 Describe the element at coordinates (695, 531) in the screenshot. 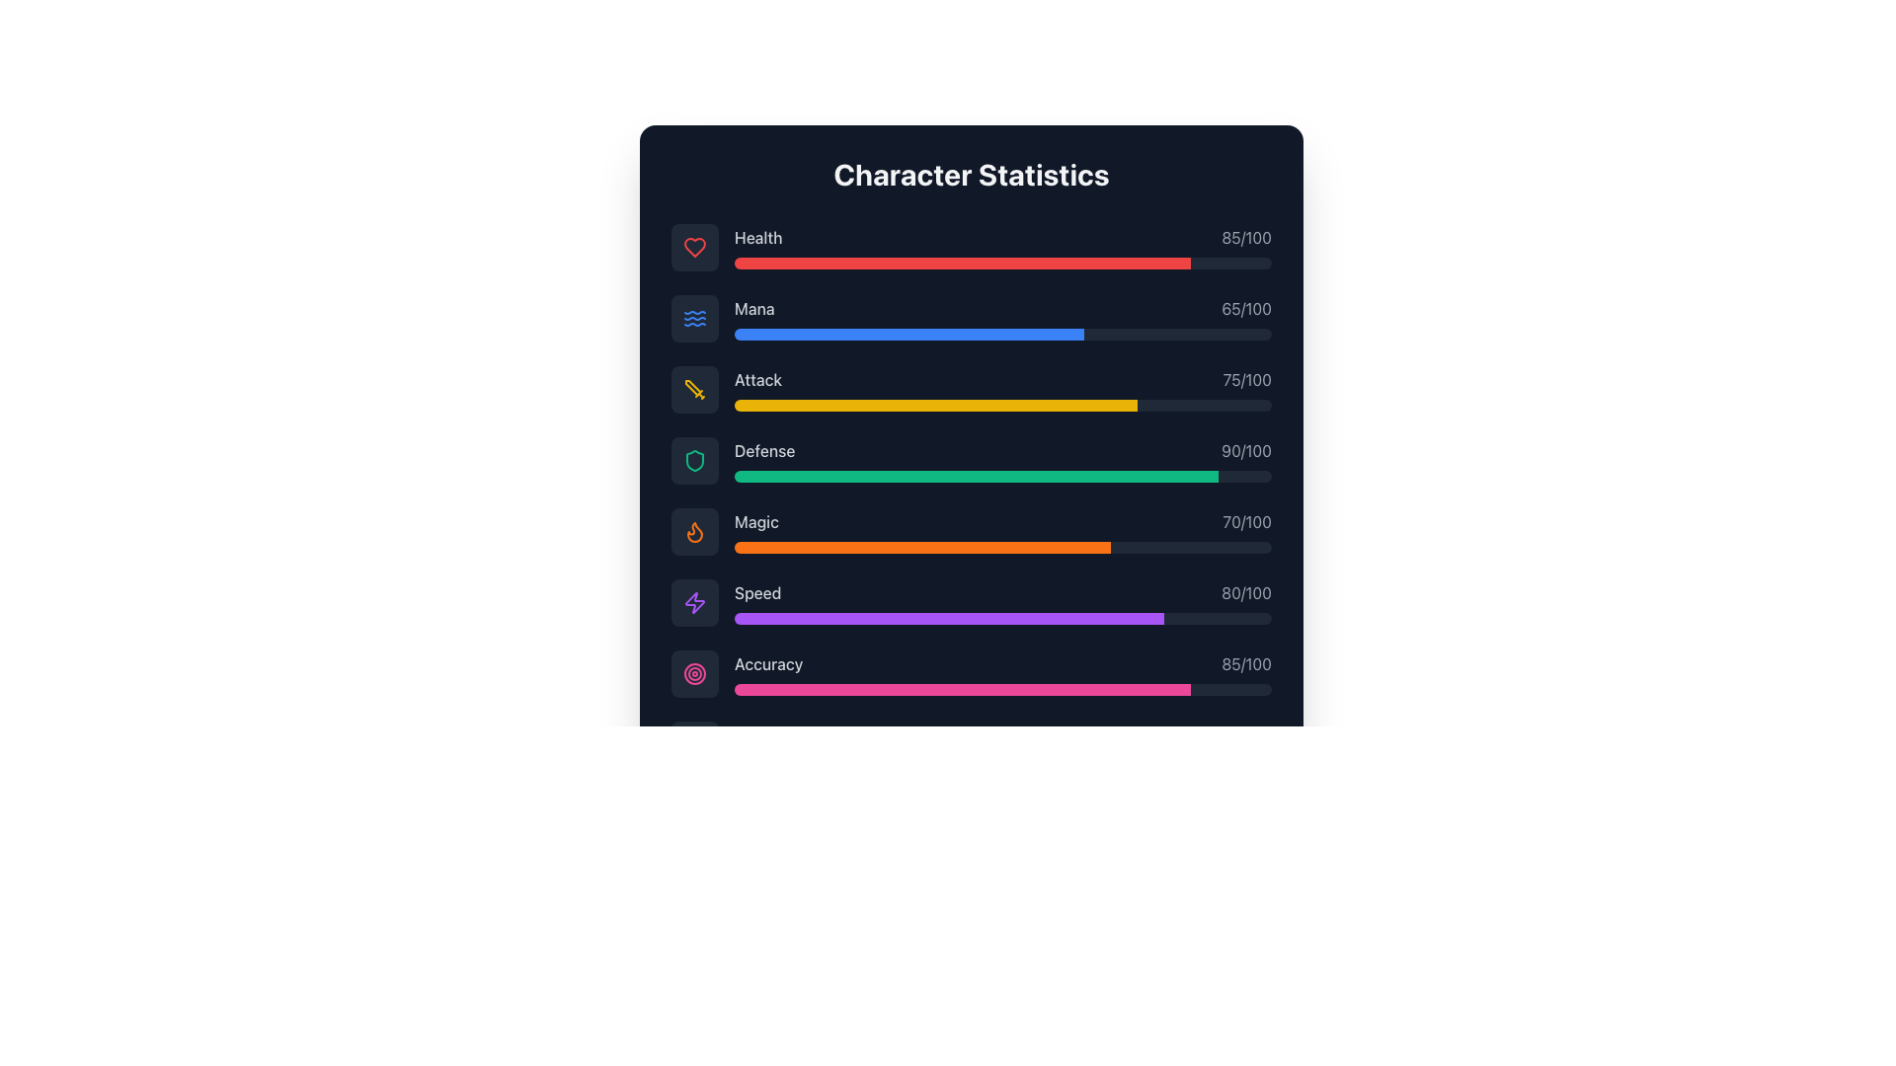

I see `the flame icon located in the fifth row of the statistics panel` at that location.